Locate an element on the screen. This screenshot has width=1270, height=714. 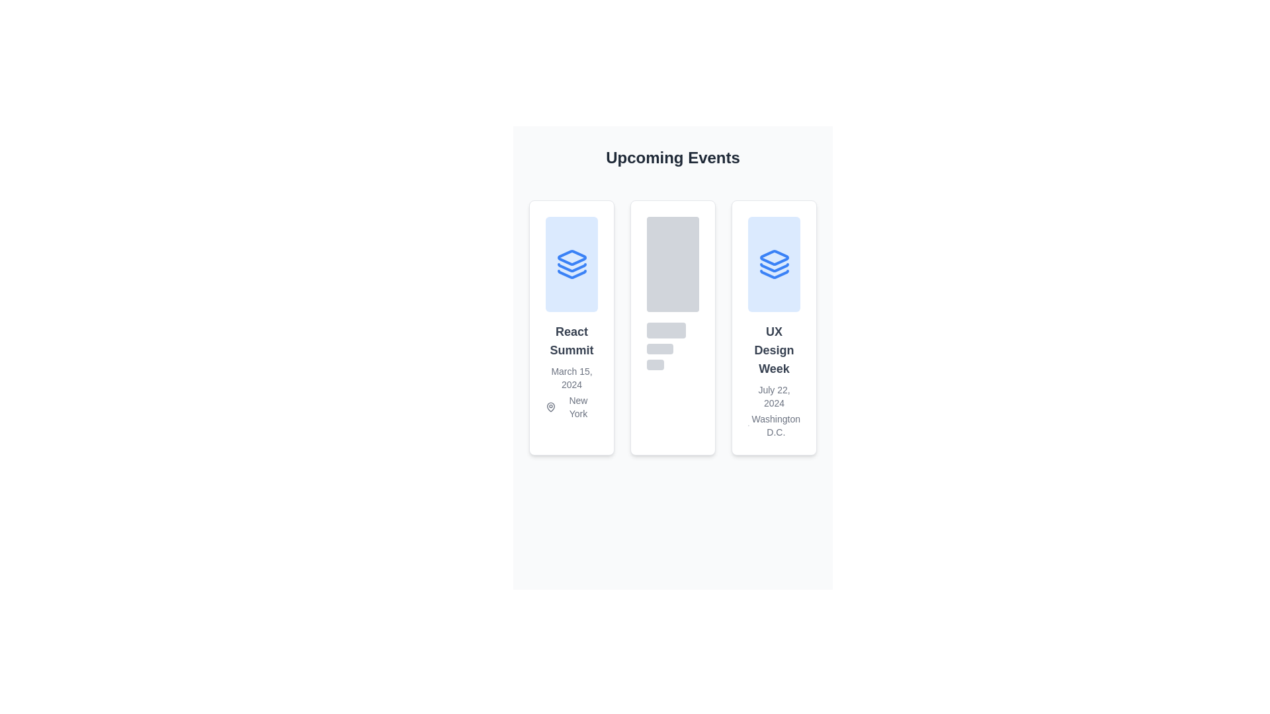
the blue icon with stacked layers, outlined with blue strokes, located at the top of the second card under the 'Upcoming Events' heading is located at coordinates (774, 264).